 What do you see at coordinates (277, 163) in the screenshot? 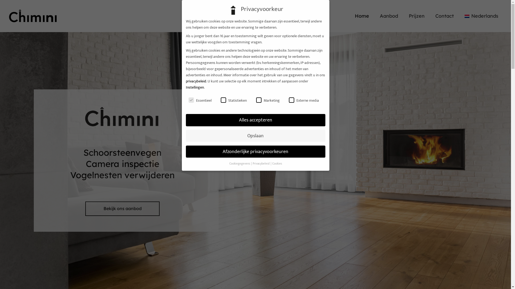
I see `'Cookies'` at bounding box center [277, 163].